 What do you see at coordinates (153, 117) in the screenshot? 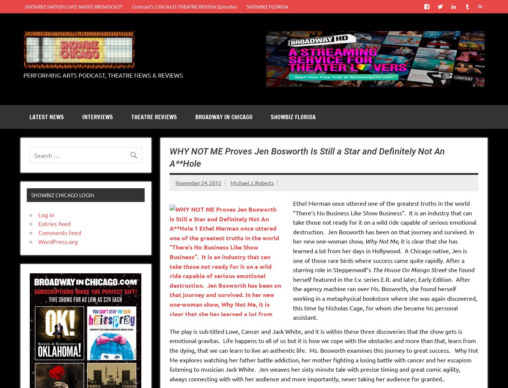
I see `'Theatre Reviews'` at bounding box center [153, 117].